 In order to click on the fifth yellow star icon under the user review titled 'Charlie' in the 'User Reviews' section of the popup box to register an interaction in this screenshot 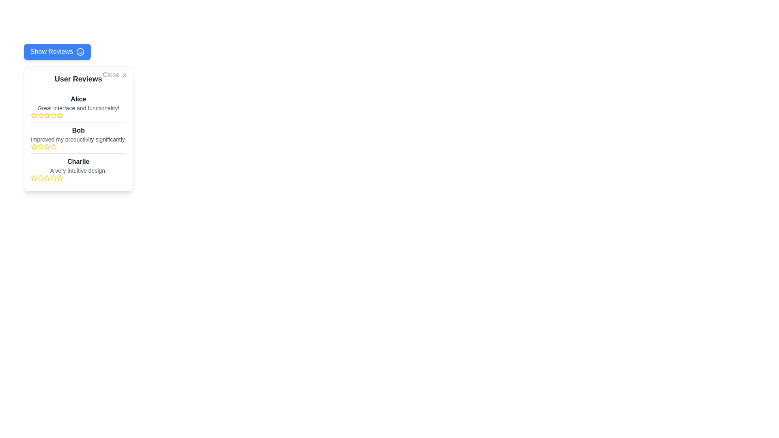, I will do `click(46, 178)`.